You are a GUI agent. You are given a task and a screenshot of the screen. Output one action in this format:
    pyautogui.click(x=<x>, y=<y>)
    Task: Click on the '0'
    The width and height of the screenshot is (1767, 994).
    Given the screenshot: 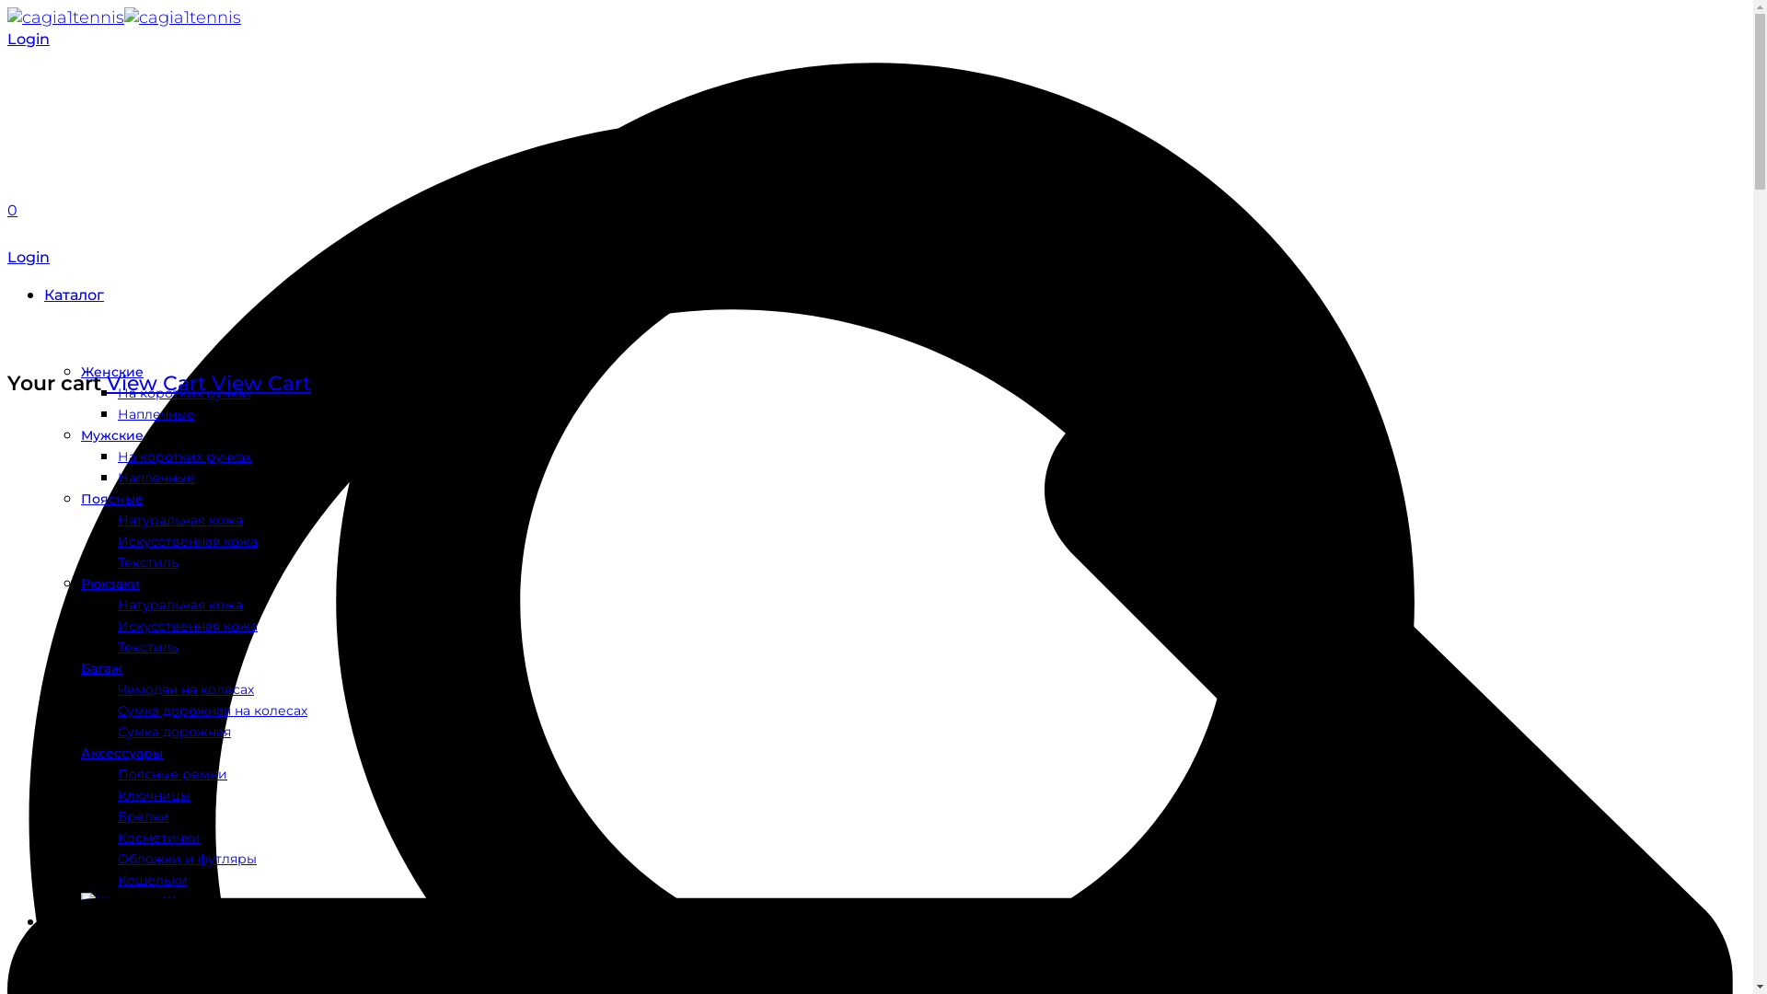 What is the action you would take?
    pyautogui.click(x=12, y=209)
    